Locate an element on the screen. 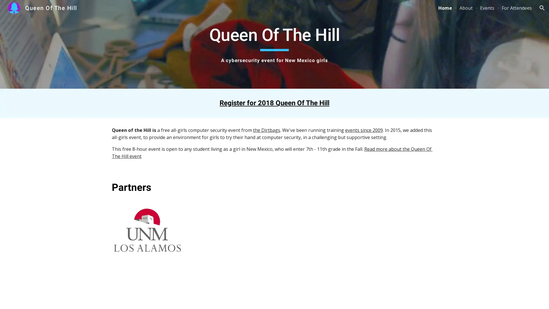  Google Sites is located at coordinates (27, 299).